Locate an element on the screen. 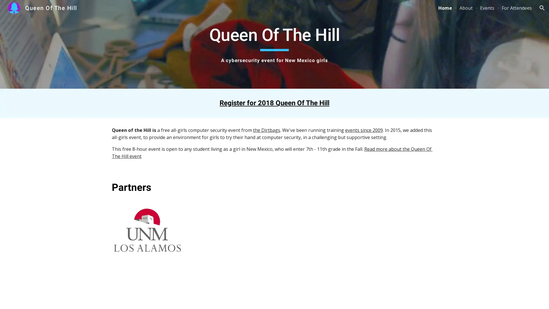  Google Sites is located at coordinates (27, 299).